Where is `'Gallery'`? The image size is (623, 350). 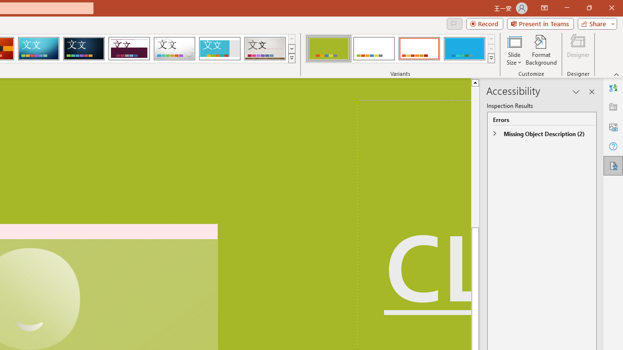 'Gallery' is located at coordinates (265, 49).